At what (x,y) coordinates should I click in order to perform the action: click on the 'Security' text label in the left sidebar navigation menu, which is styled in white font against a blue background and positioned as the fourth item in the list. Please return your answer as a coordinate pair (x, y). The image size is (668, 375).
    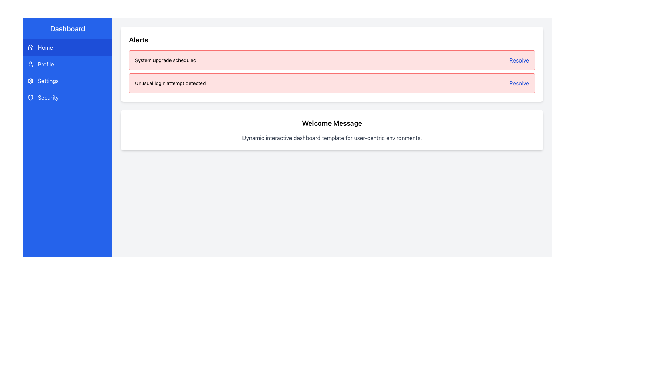
    Looking at the image, I should click on (48, 98).